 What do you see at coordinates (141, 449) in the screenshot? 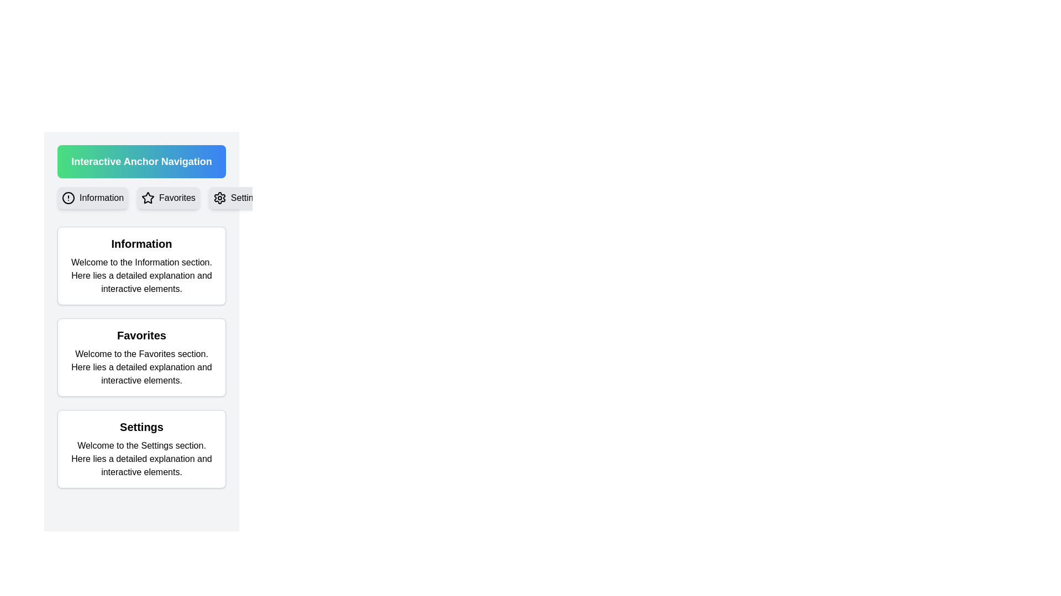
I see `text content of the settings informational card located at the bottom of the vertical stack of cards, which is the third card following 'Information' and 'Favorites'` at bounding box center [141, 449].